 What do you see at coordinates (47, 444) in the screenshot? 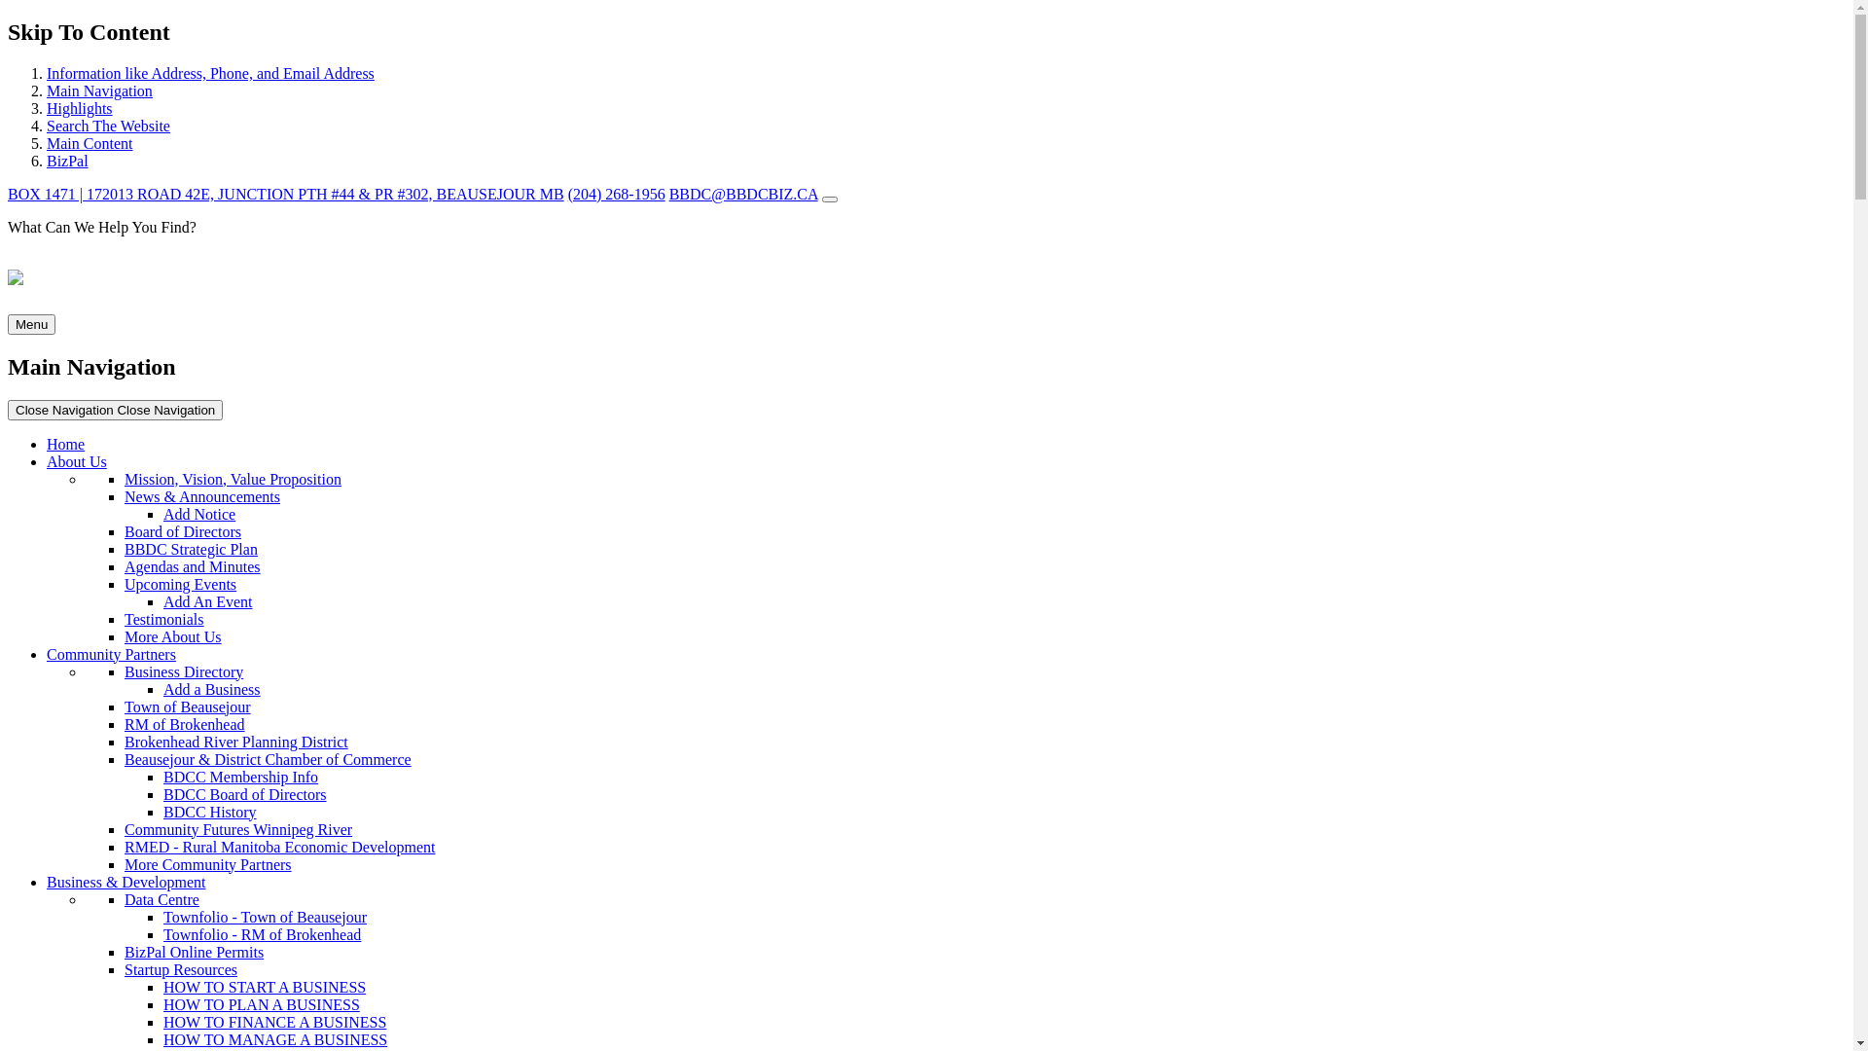
I see `'Home'` at bounding box center [47, 444].